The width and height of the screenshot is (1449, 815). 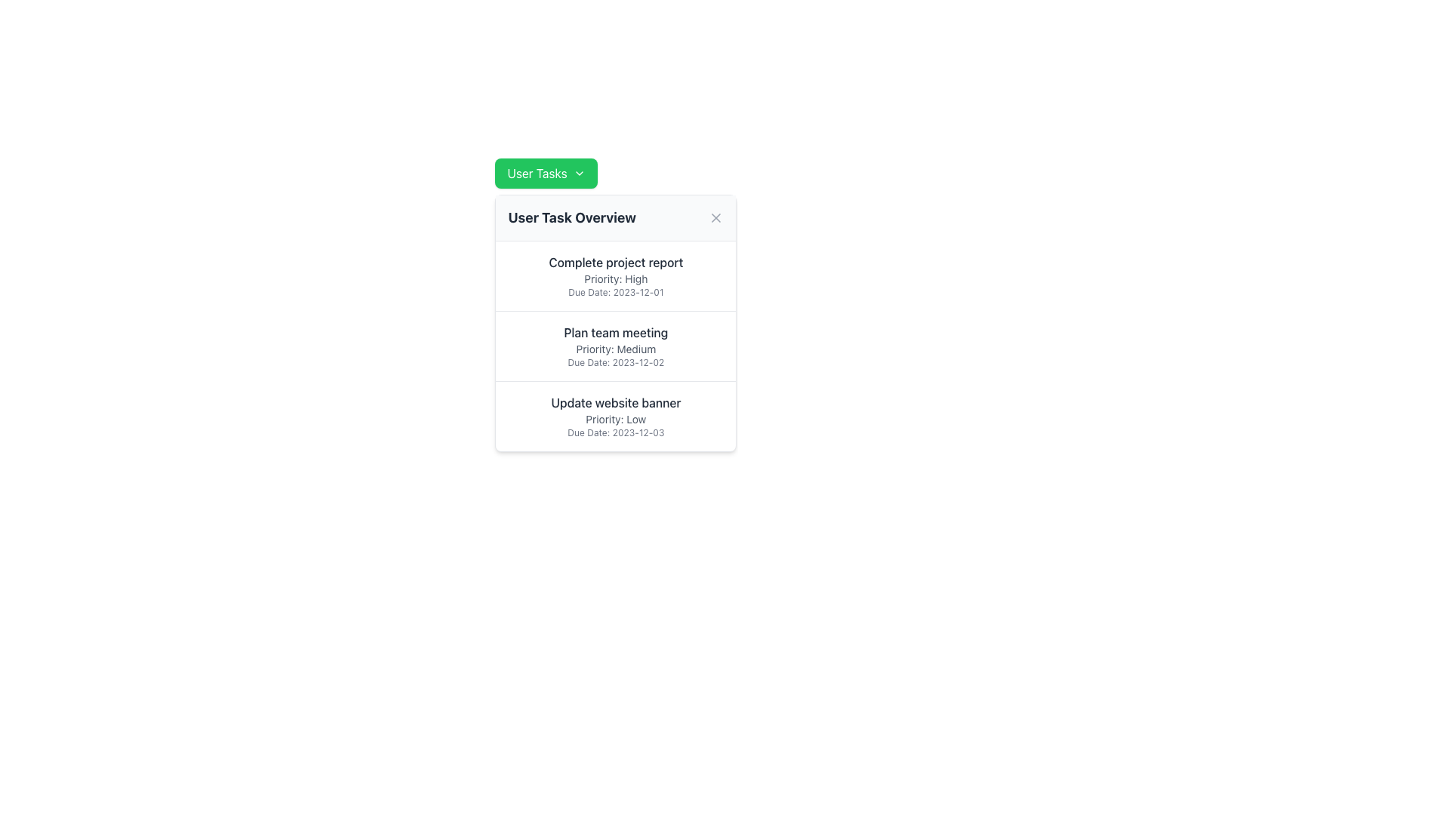 What do you see at coordinates (578, 173) in the screenshot?
I see `the chevron icon located at the top-right corner of the 'User Tasks' button` at bounding box center [578, 173].